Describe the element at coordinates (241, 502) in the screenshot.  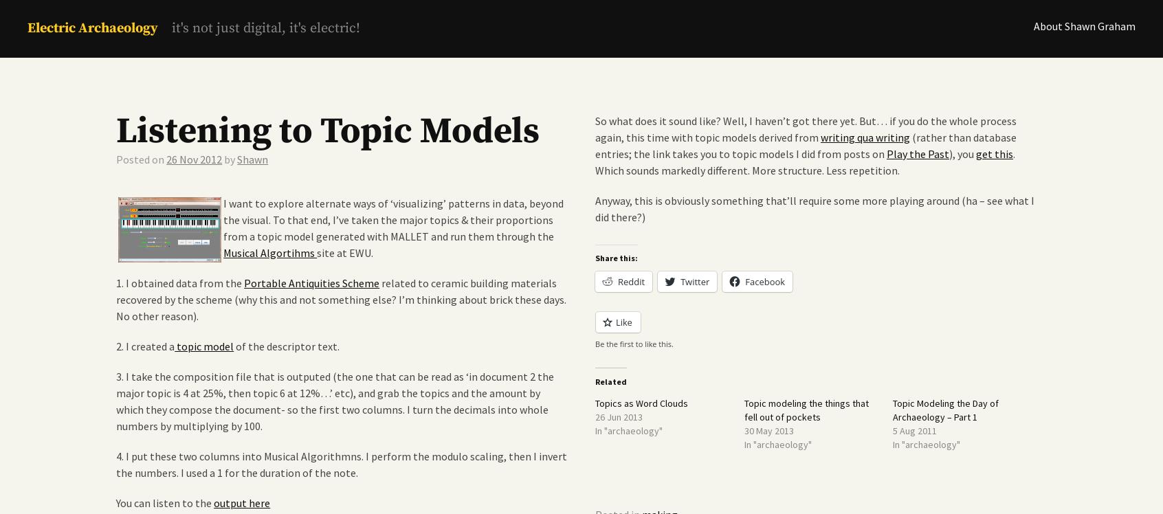
I see `'output here'` at that location.